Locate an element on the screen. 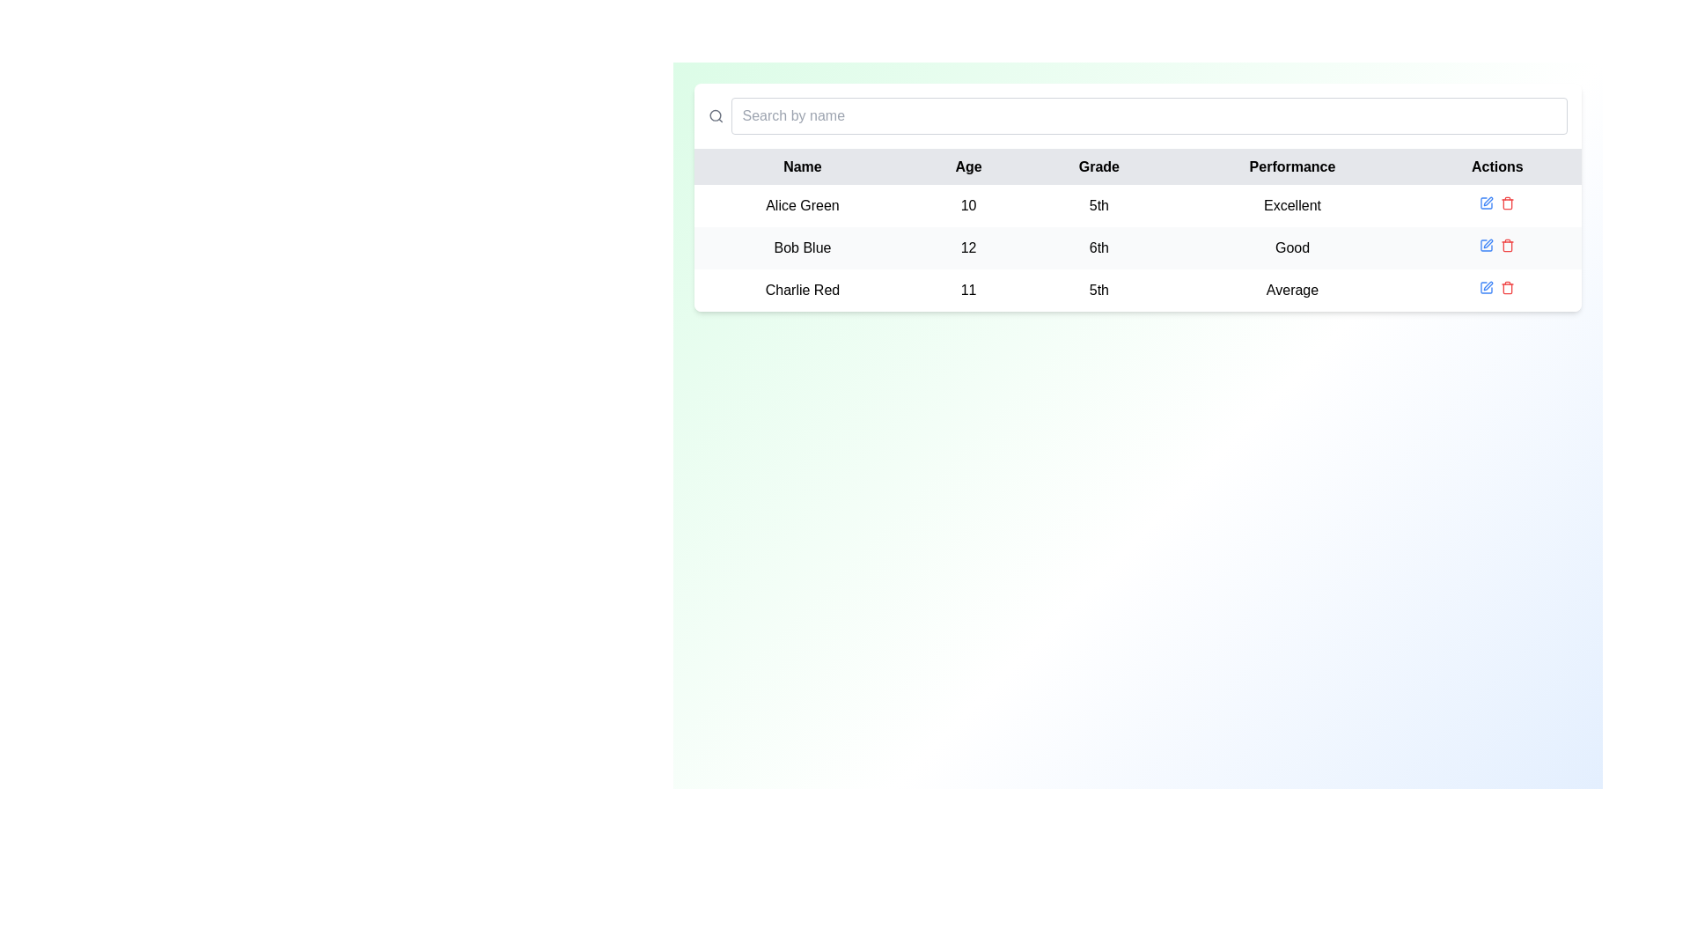 The image size is (1690, 951). the 'Edit' icon button in the 'Actions' column for the row containing 'Charlie Red' is located at coordinates (1486, 287).